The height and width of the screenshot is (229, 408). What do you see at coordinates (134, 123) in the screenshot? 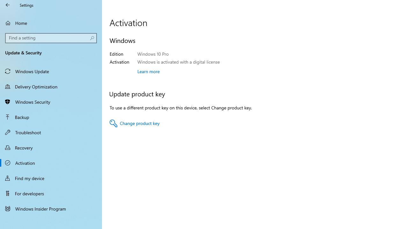
I see `'Change product key'` at bounding box center [134, 123].